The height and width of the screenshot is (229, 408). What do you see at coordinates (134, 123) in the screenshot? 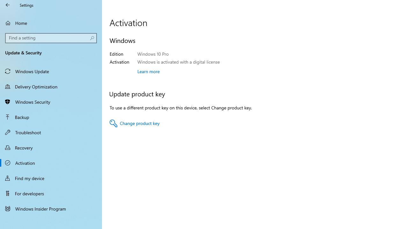
I see `'Change product key'` at bounding box center [134, 123].